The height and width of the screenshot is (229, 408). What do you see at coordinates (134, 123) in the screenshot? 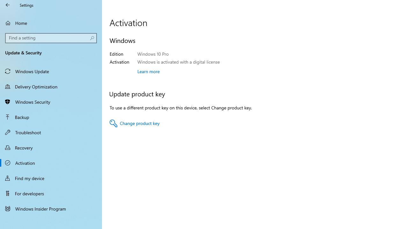
I see `'Change product key'` at bounding box center [134, 123].